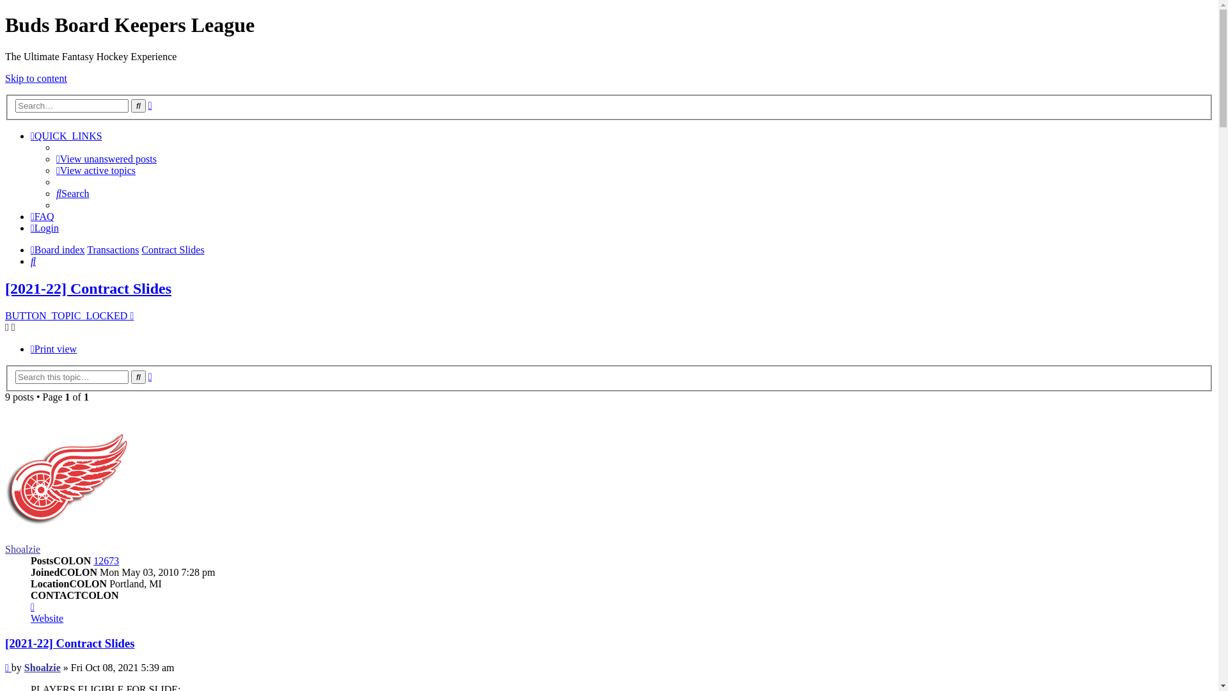  What do you see at coordinates (88, 289) in the screenshot?
I see `'[2021-22] Contract Slides'` at bounding box center [88, 289].